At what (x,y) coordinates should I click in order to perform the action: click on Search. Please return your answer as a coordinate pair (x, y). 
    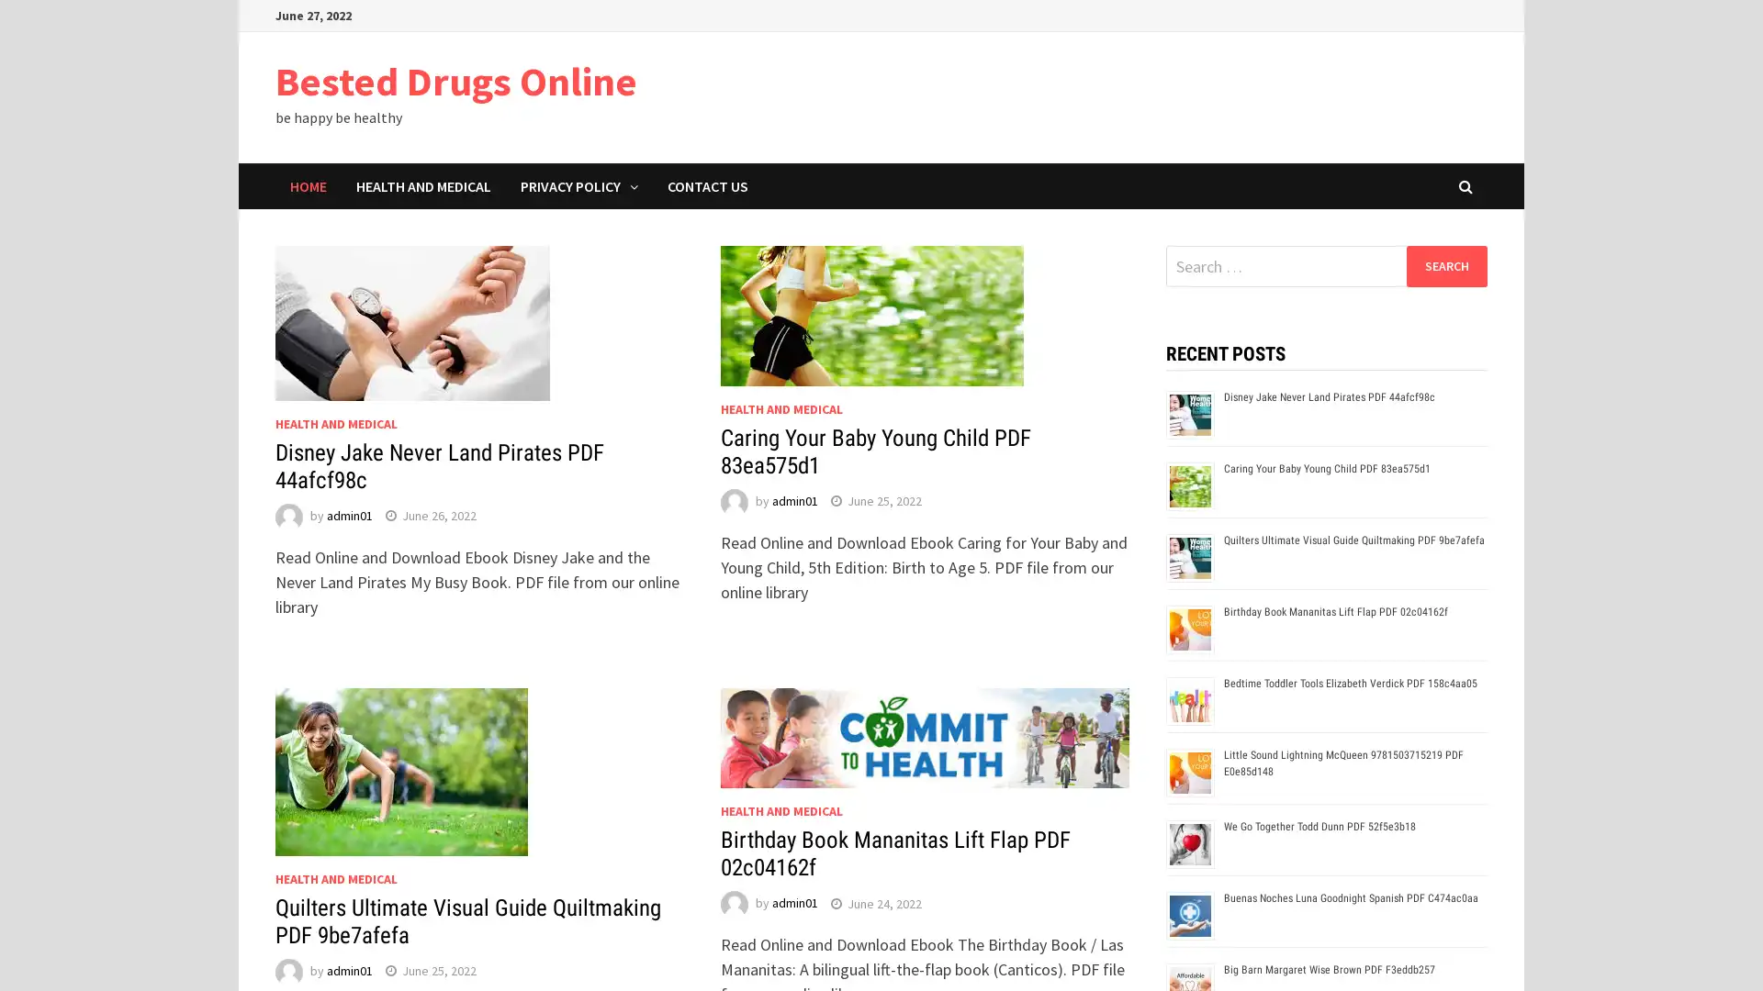
    Looking at the image, I should click on (1445, 265).